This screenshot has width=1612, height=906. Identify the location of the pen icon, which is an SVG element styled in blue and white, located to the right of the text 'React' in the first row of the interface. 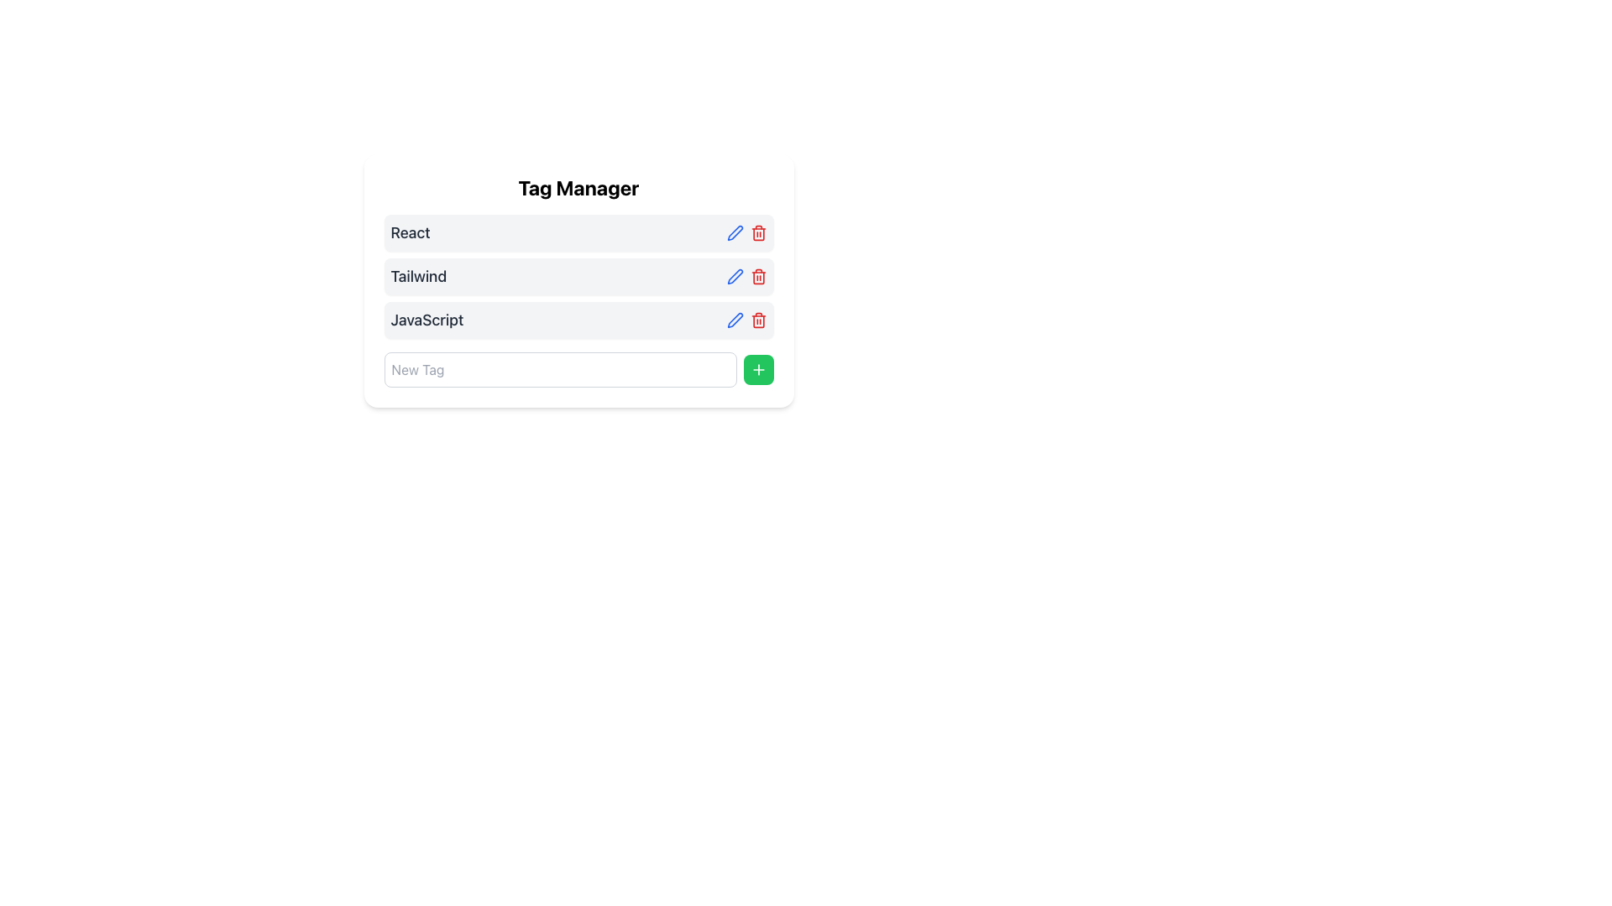
(735, 232).